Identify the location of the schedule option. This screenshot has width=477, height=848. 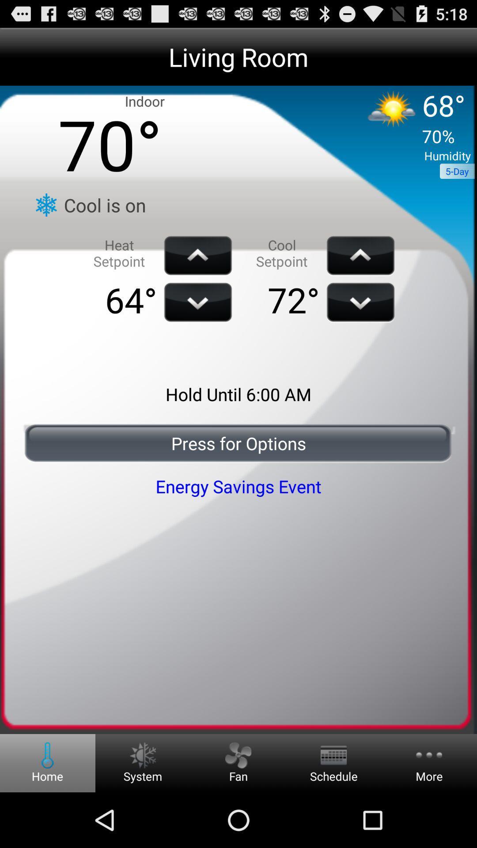
(334, 763).